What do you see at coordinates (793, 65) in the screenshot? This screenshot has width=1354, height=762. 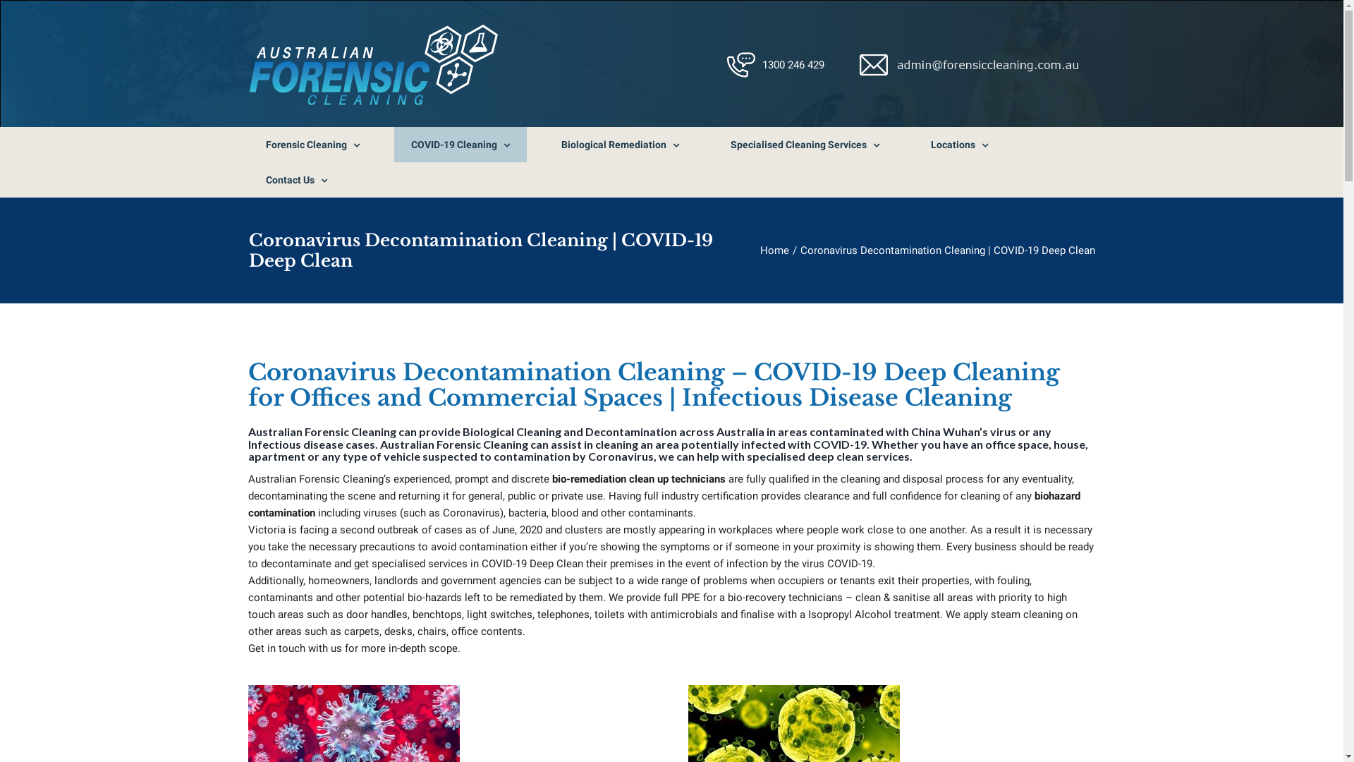 I see `'1300 246 429'` at bounding box center [793, 65].